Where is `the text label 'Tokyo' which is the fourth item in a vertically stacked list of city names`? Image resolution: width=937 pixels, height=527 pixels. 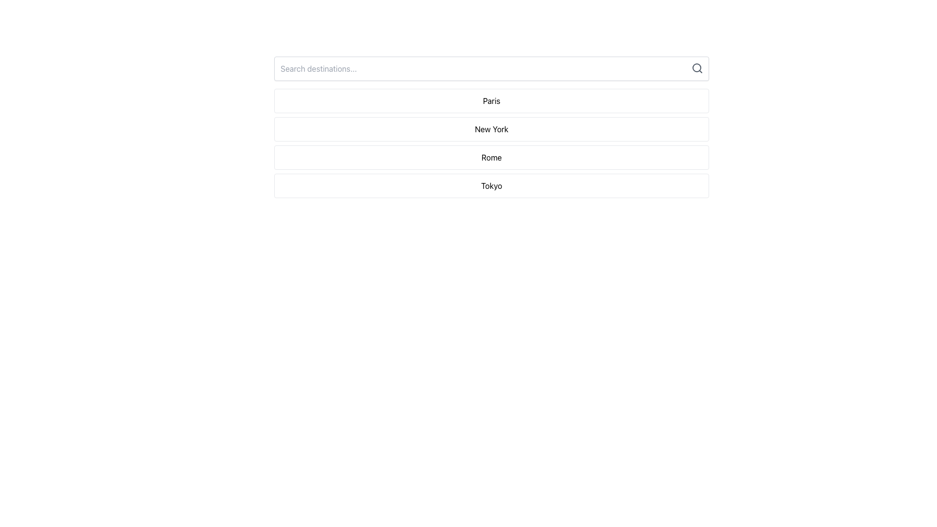 the text label 'Tokyo' which is the fourth item in a vertically stacked list of city names is located at coordinates (491, 186).